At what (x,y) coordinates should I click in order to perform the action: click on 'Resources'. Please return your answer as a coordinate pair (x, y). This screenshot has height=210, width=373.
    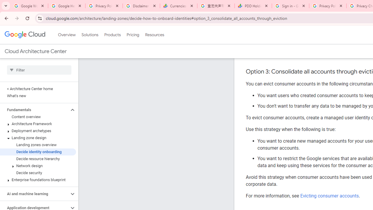
    Looking at the image, I should click on (154, 35).